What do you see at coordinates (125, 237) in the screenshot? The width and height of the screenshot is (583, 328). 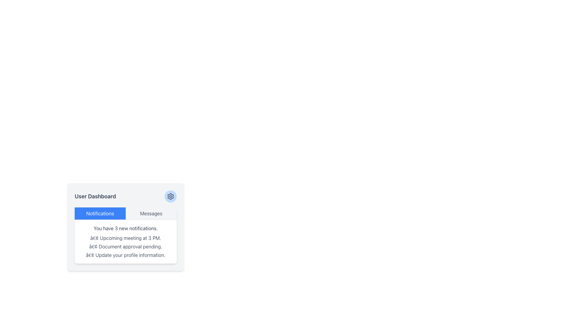 I see `the static text element displaying the message "• Upcoming meeting at 3 PM." which is part of the notifications list on the User Dashboard card` at bounding box center [125, 237].